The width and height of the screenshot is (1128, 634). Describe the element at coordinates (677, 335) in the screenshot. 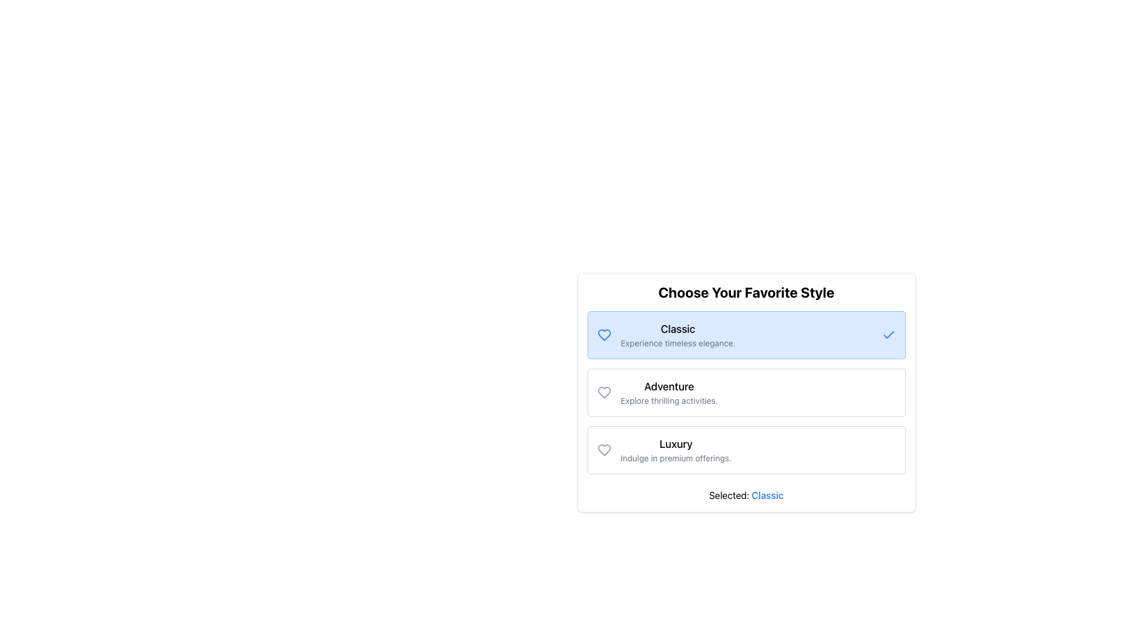

I see `to select the 'Classic' style option from the vertically stacked list of choices` at that location.